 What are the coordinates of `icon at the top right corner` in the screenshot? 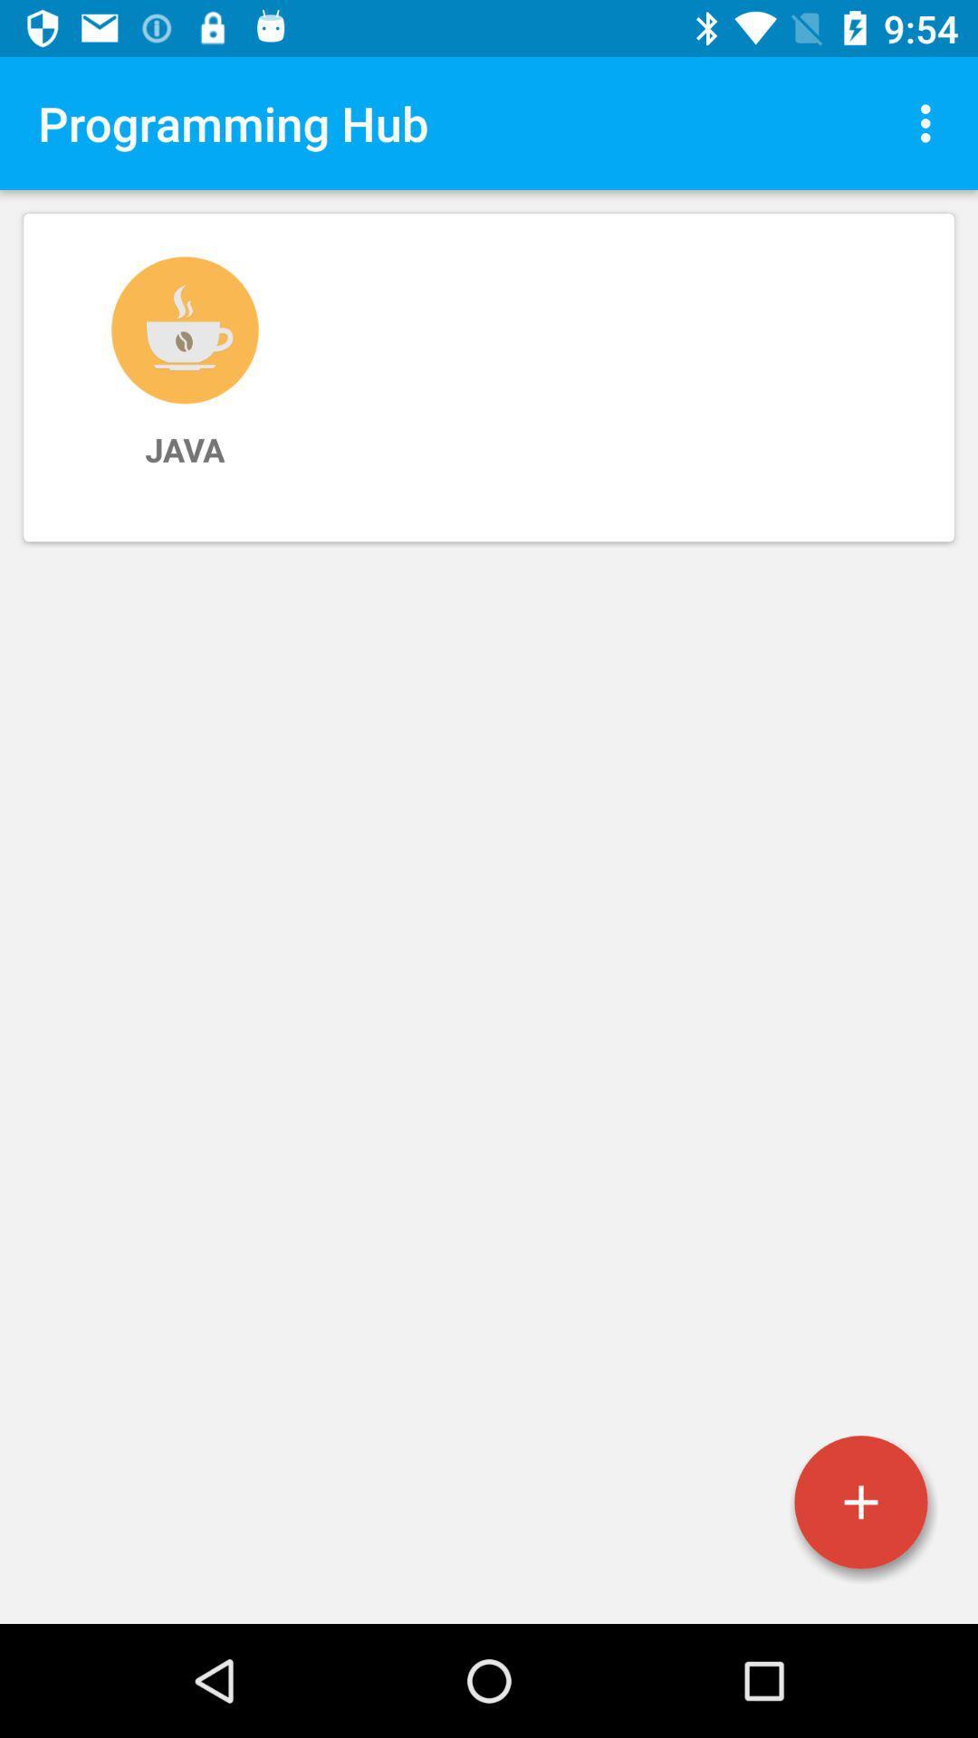 It's located at (930, 122).